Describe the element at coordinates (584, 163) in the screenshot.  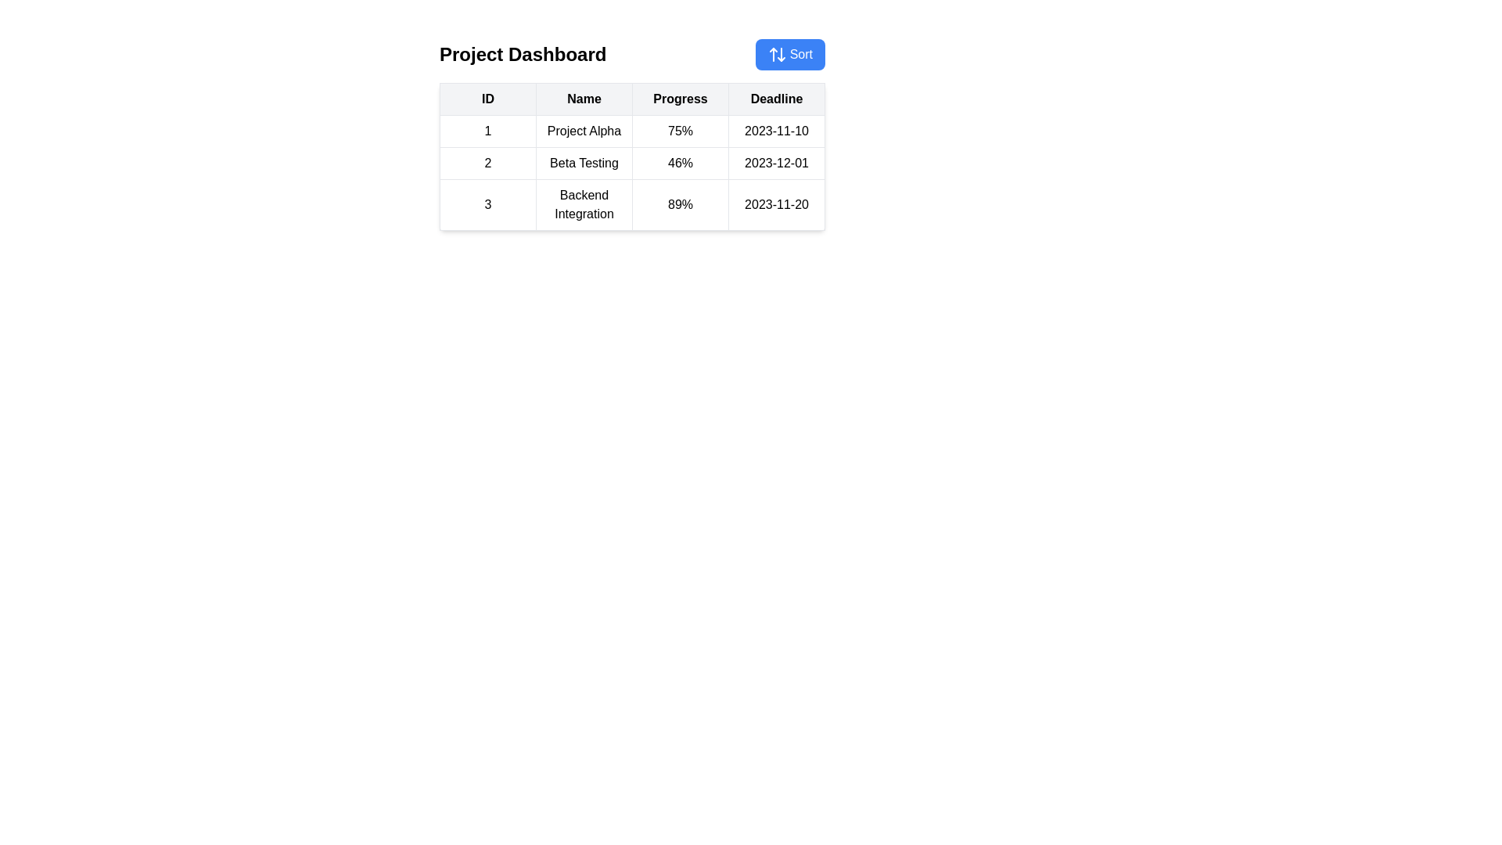
I see `the static text label displaying the project name in the second row of the table under the 'Name' column` at that location.